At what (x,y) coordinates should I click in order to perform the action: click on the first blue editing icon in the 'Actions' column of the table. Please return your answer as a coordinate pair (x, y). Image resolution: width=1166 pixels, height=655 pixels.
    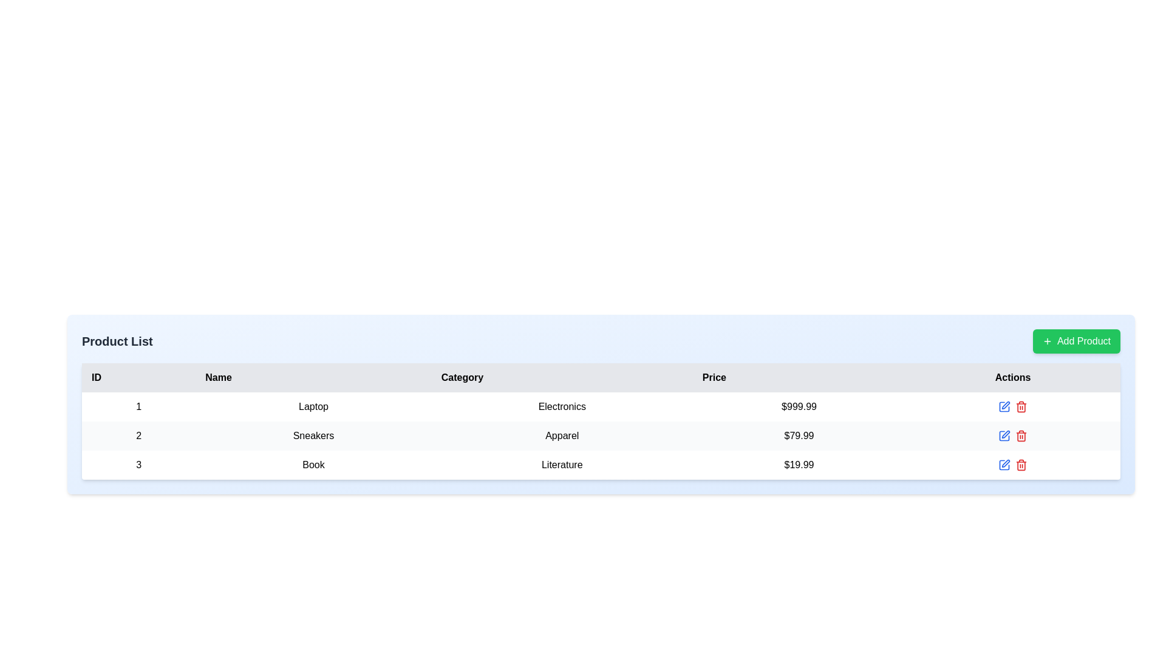
    Looking at the image, I should click on (1004, 407).